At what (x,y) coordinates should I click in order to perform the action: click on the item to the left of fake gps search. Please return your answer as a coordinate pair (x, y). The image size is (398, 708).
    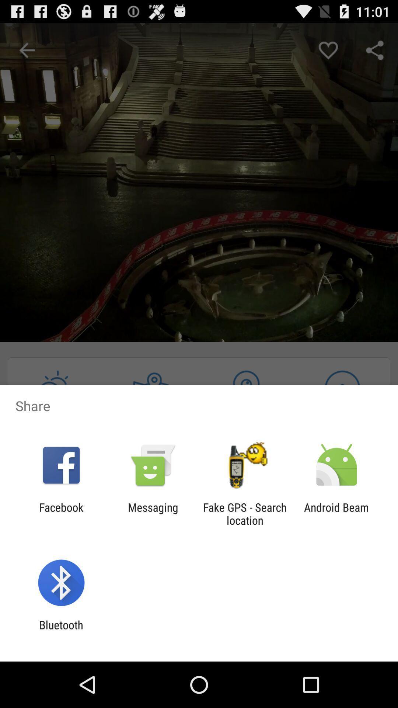
    Looking at the image, I should click on (153, 513).